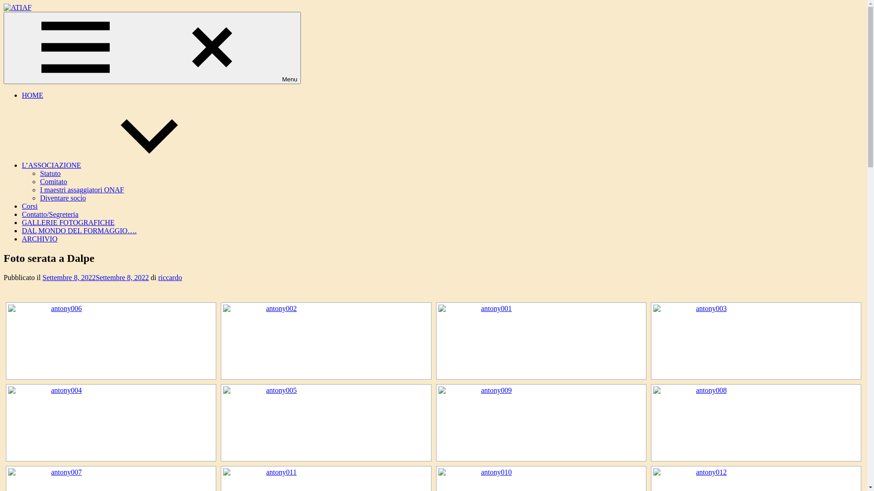 The image size is (874, 491). Describe the element at coordinates (707, 341) in the screenshot. I see `'antony003'` at that location.